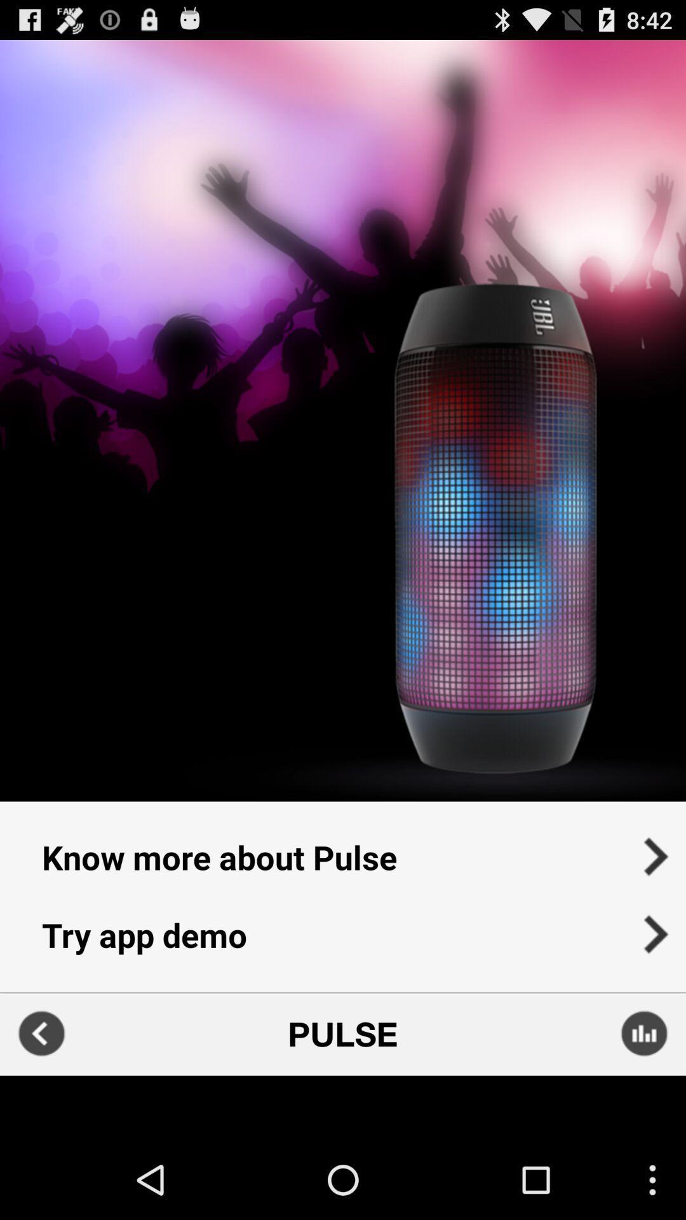 This screenshot has height=1220, width=686. I want to click on the item above try app demo item, so click(343, 848).